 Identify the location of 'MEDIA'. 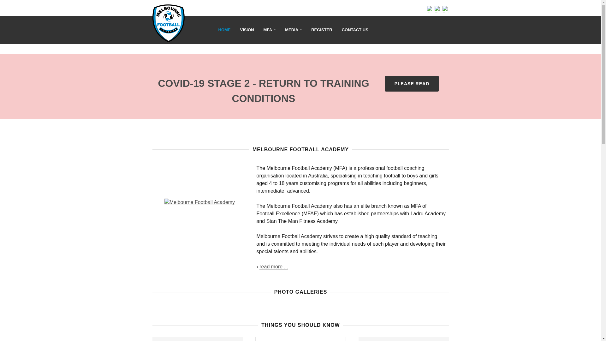
(293, 30).